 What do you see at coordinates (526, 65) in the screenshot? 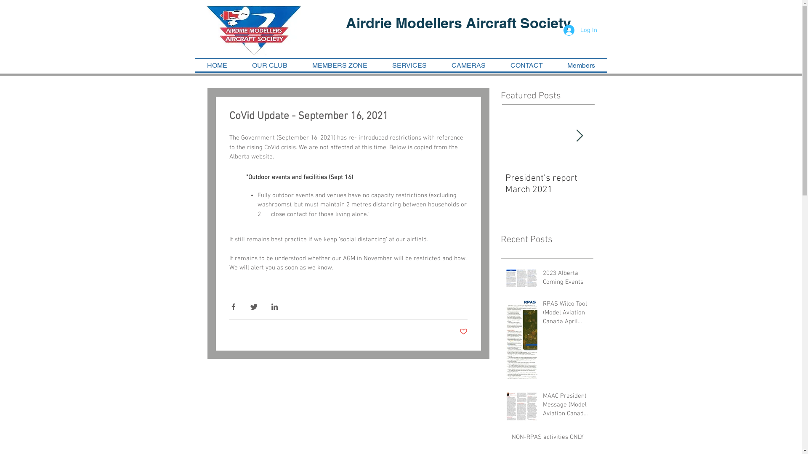
I see `'CONTACT'` at bounding box center [526, 65].